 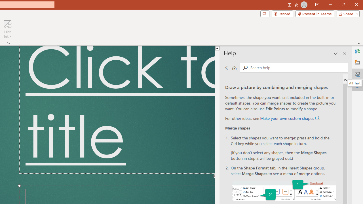 What do you see at coordinates (330, 5) in the screenshot?
I see `'Minimize'` at bounding box center [330, 5].